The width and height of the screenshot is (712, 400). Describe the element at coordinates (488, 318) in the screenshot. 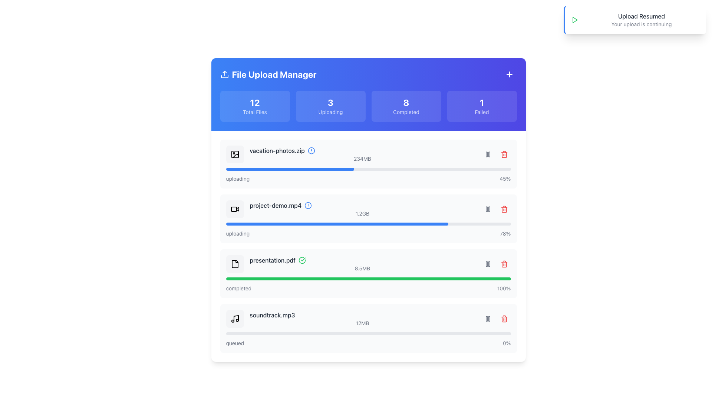

I see `the pause icon button located in the right section of the file list entry for 'soundtrack.mp3'` at that location.